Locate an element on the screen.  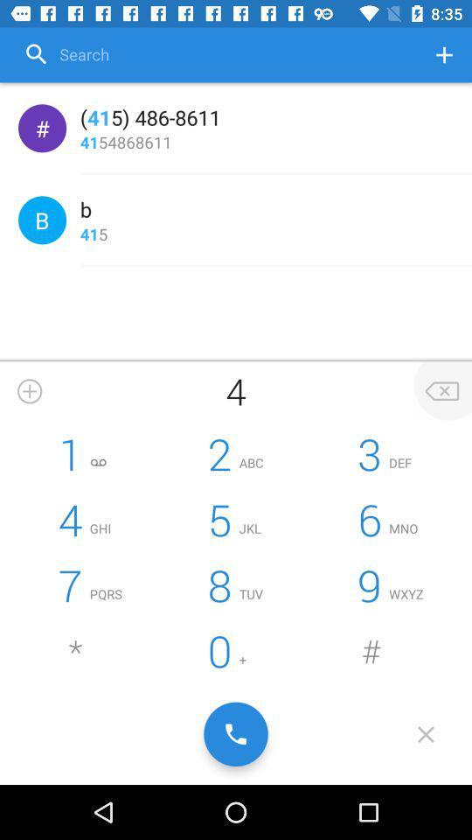
backspace is located at coordinates (441, 391).